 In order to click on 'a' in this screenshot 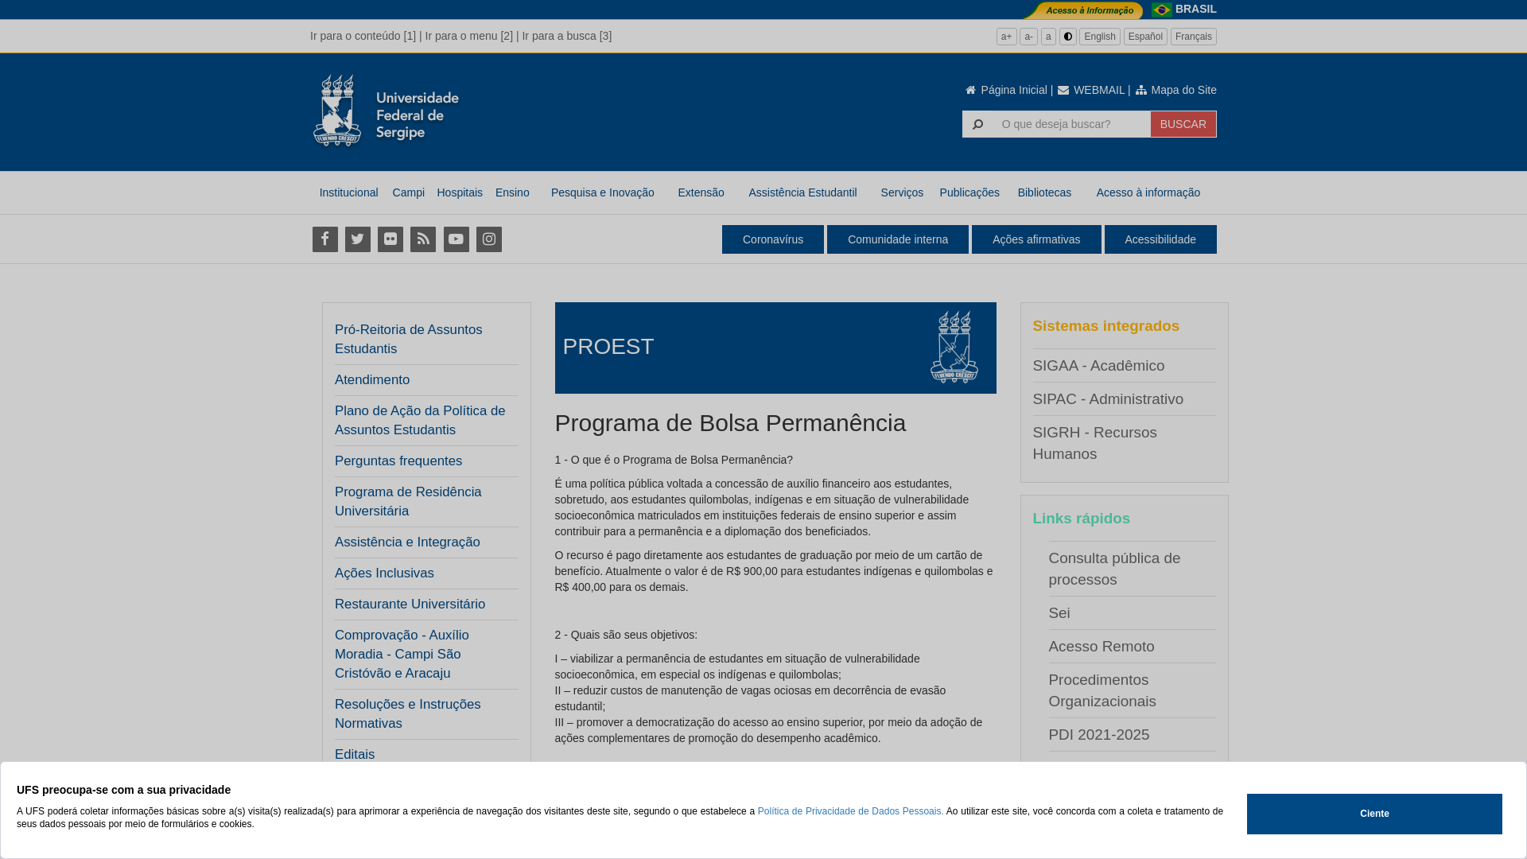, I will do `click(1048, 36)`.